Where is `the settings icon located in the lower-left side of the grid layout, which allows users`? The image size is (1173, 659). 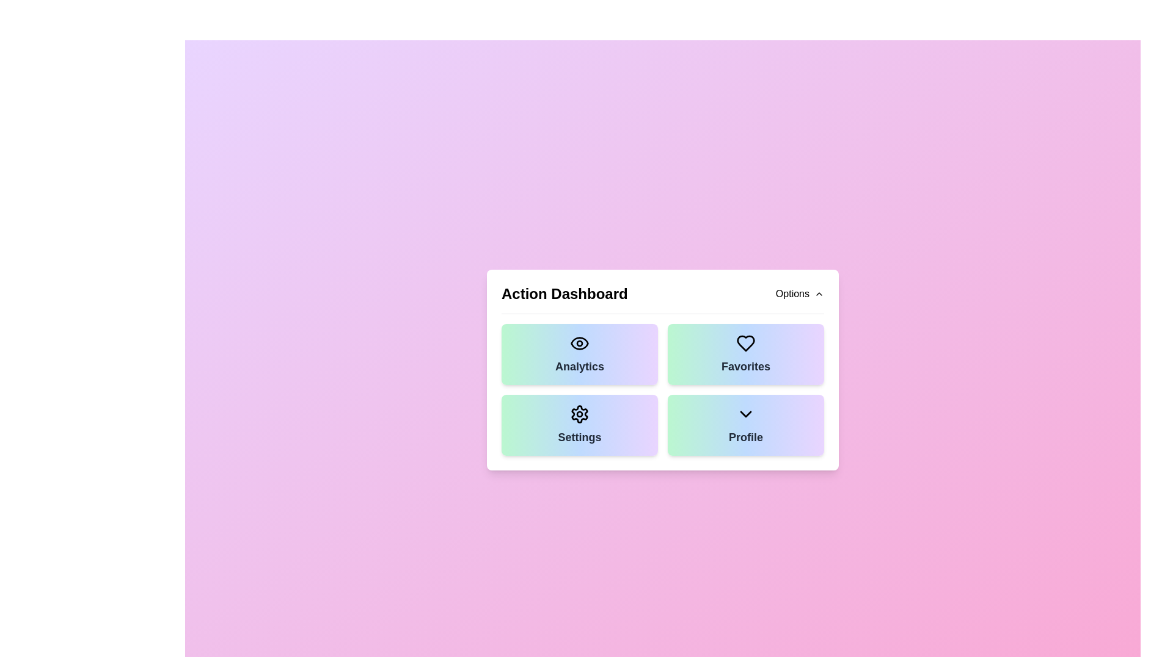
the settings icon located in the lower-left side of the grid layout, which allows users is located at coordinates (579, 413).